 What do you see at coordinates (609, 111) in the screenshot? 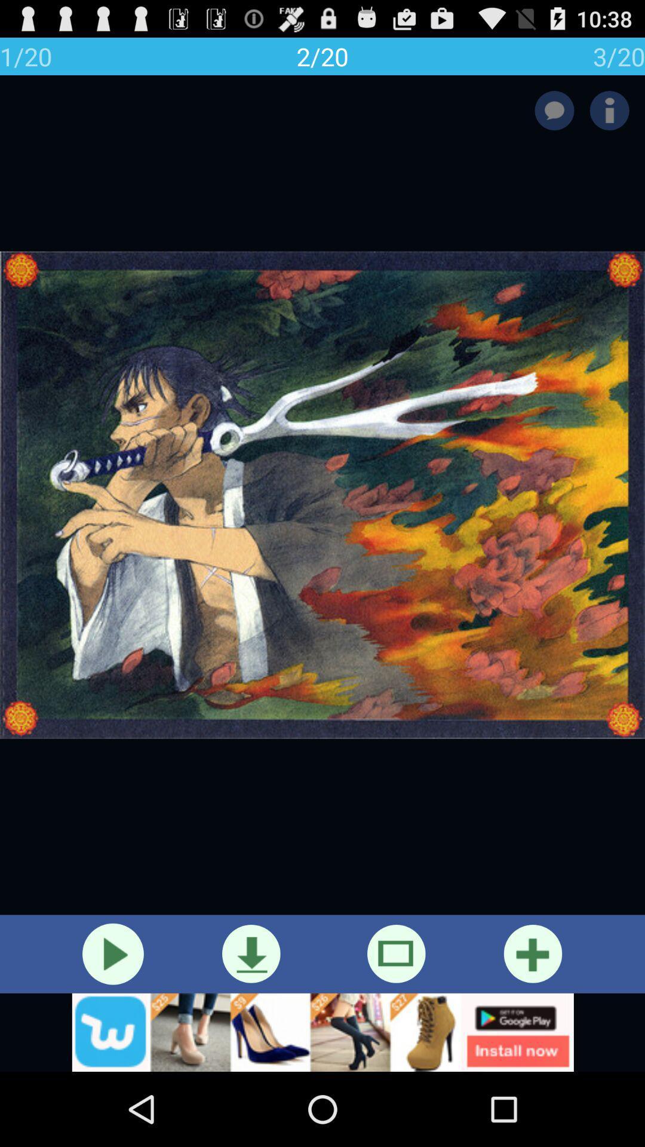
I see `show more information` at bounding box center [609, 111].